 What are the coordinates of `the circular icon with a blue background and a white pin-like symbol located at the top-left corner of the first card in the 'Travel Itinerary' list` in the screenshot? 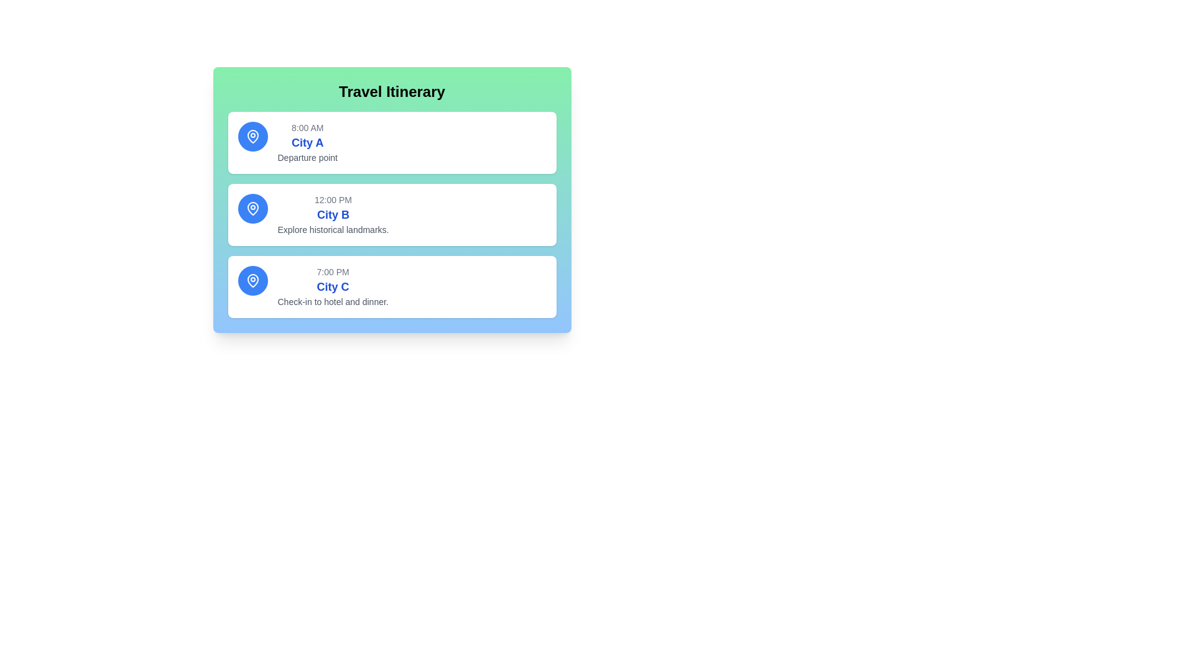 It's located at (252, 136).